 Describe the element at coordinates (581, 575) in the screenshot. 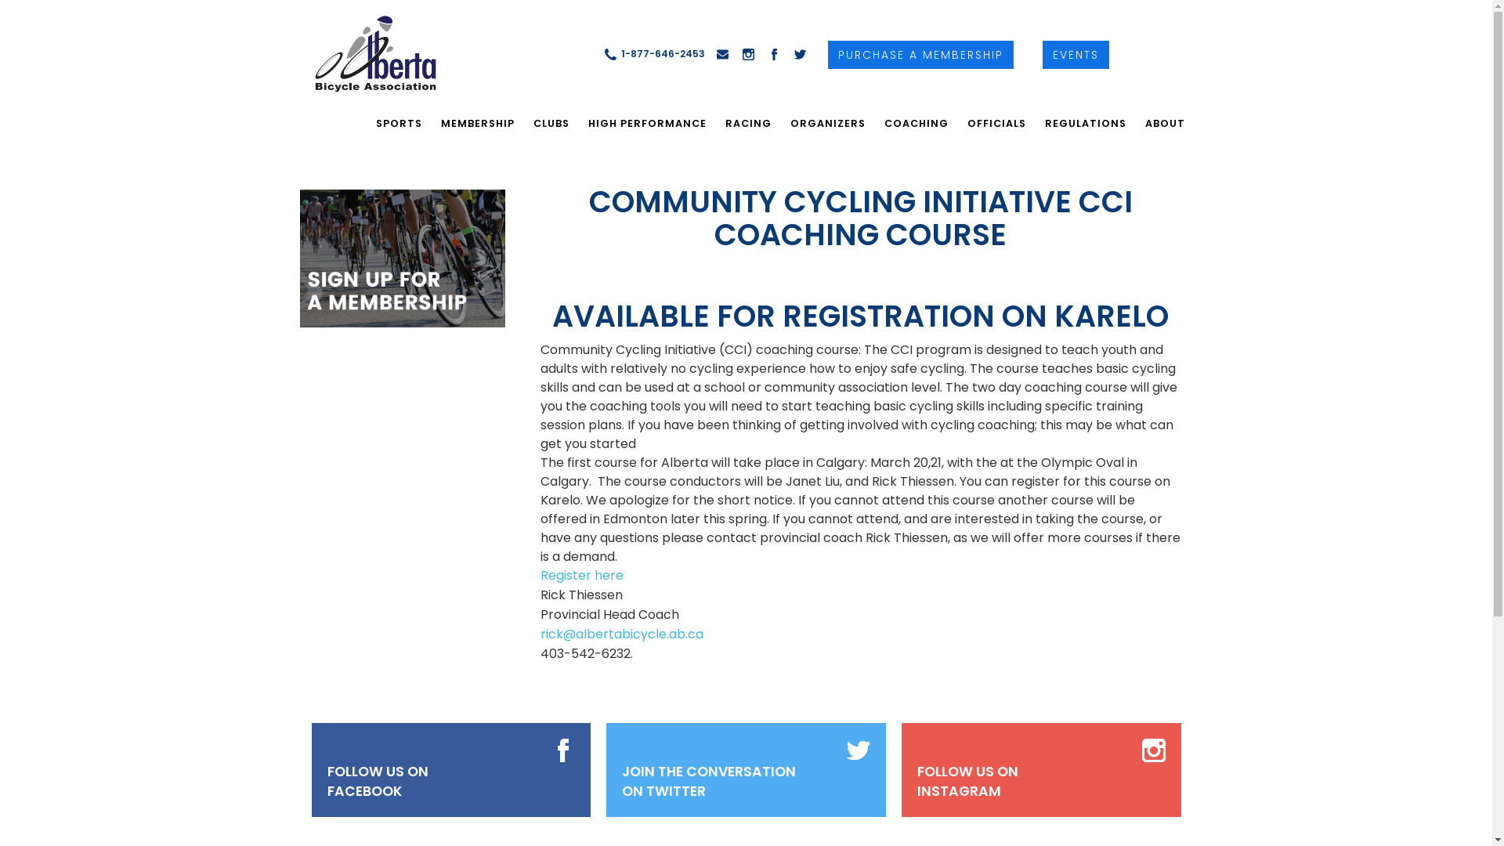

I see `'Register here'` at that location.